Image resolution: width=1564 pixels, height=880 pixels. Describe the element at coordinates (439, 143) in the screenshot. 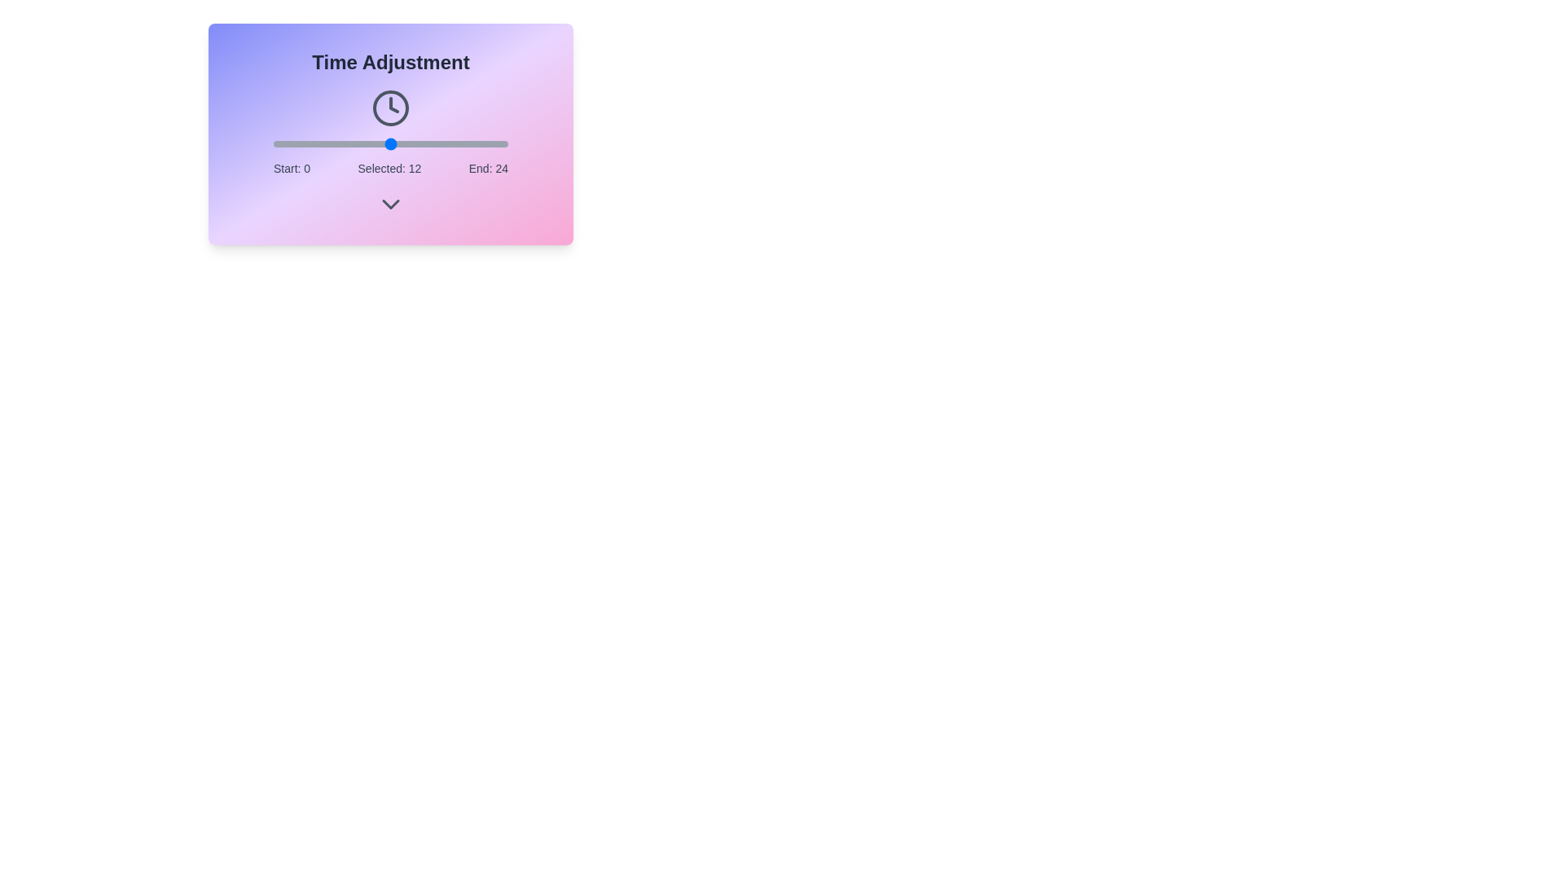

I see `the time slider to 17` at that location.